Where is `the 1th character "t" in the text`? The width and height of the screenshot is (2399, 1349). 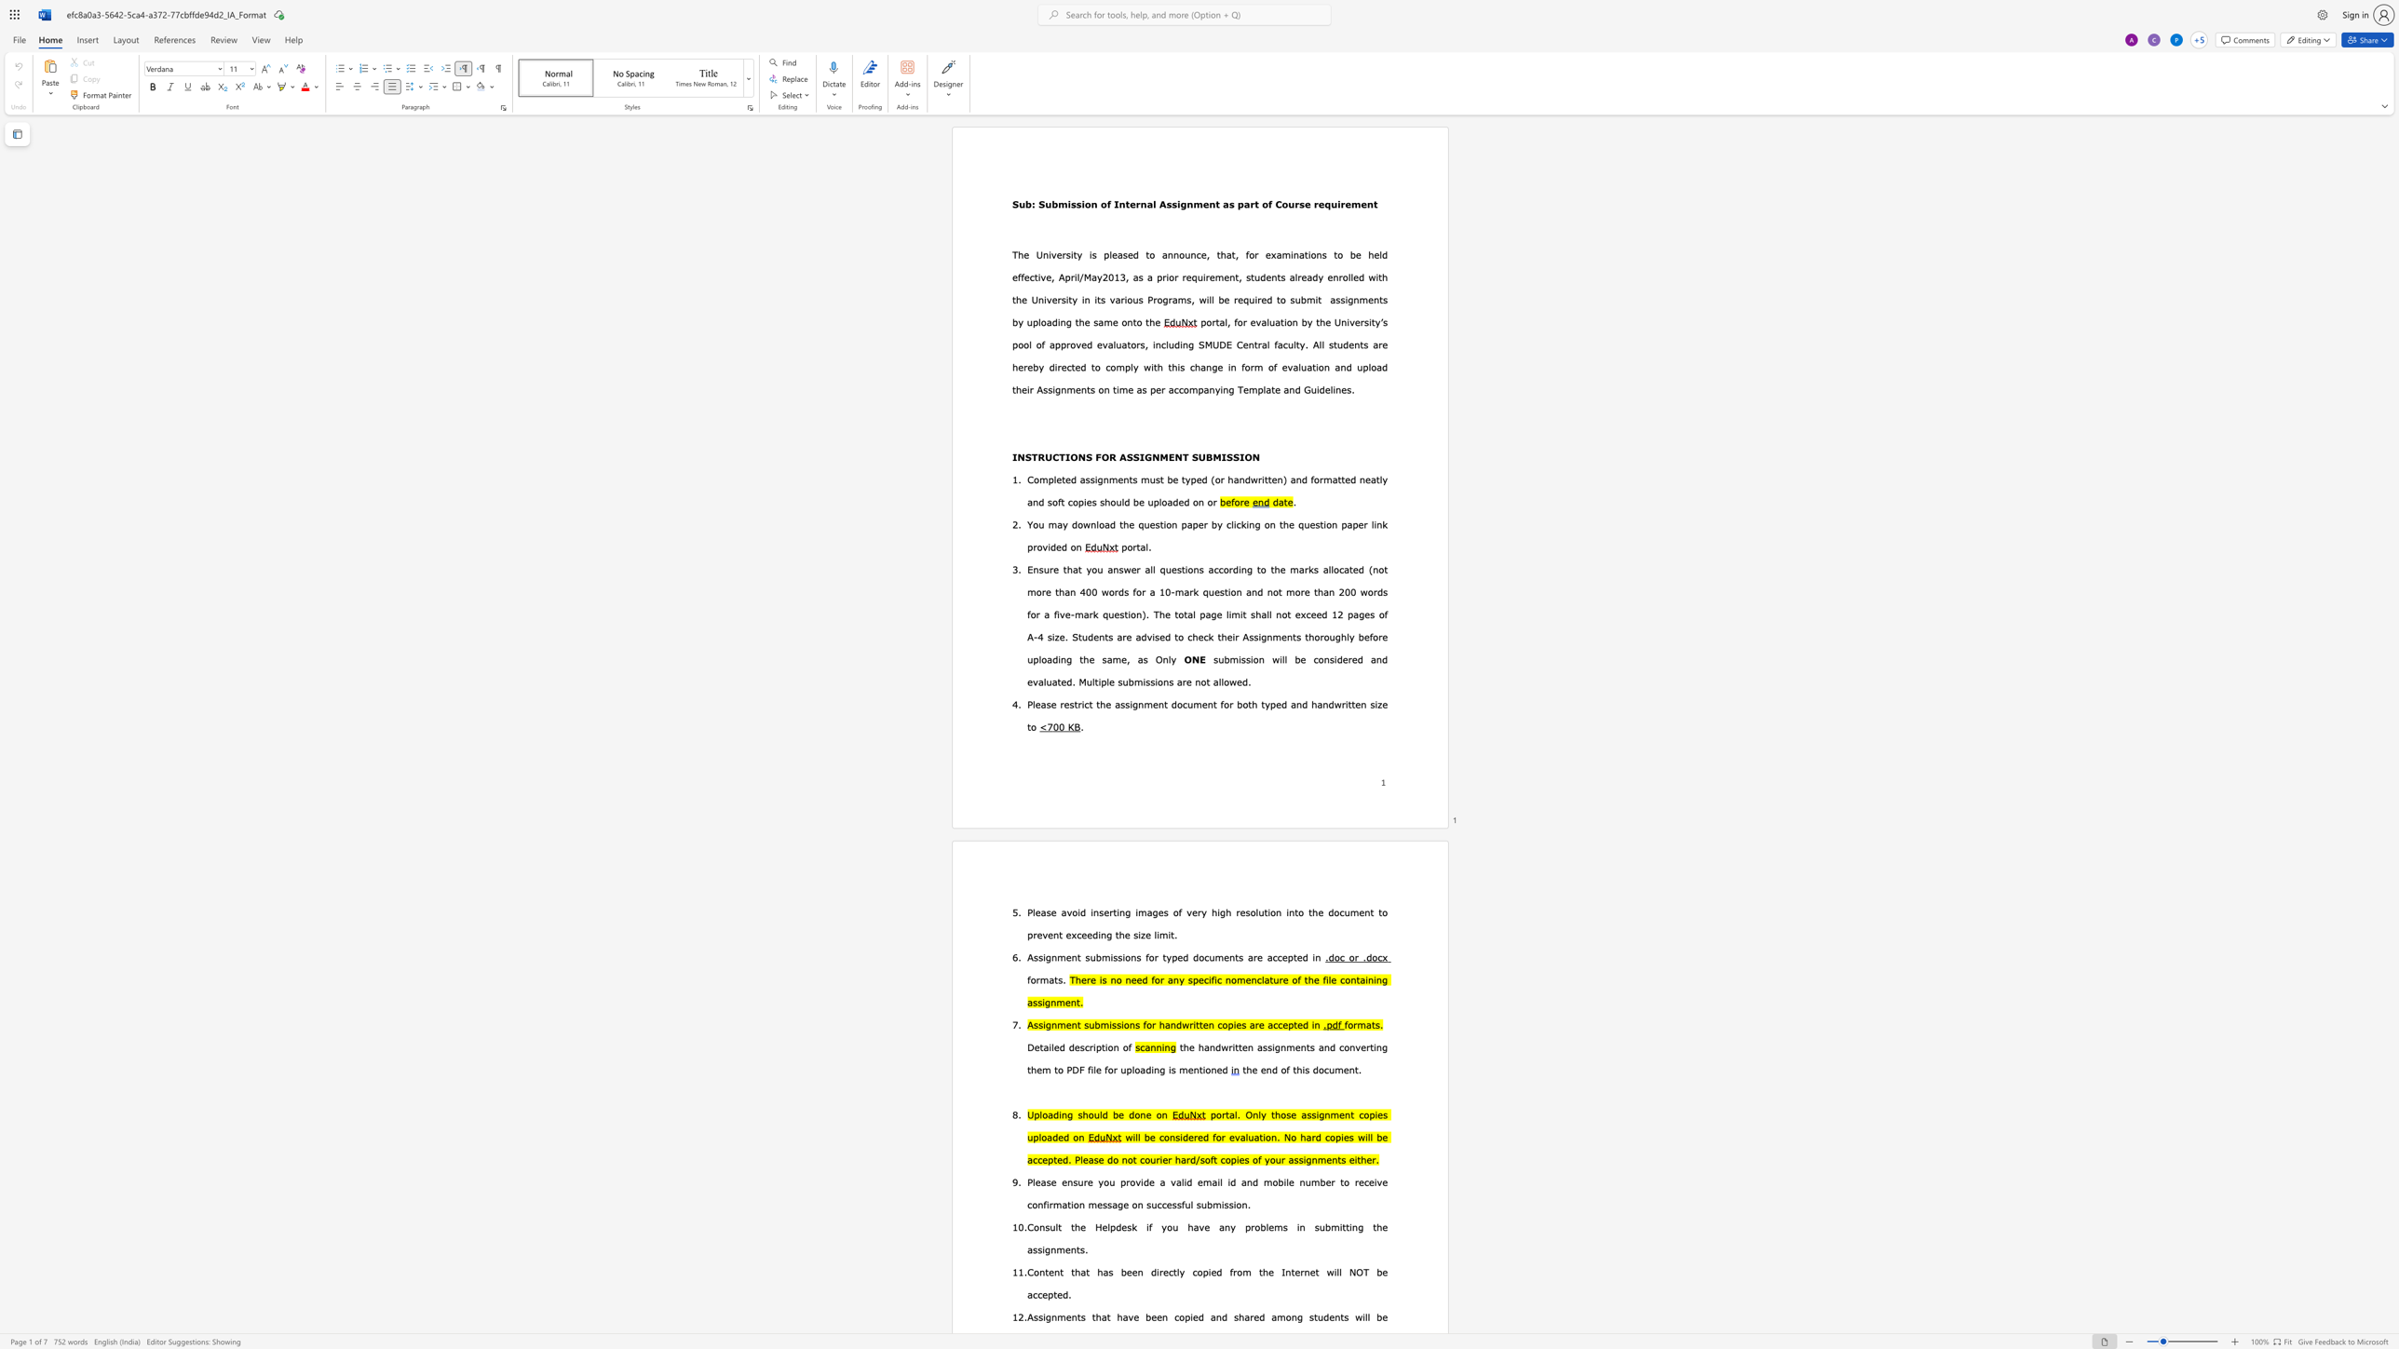 the 1th character "t" in the text is located at coordinates (1077, 322).